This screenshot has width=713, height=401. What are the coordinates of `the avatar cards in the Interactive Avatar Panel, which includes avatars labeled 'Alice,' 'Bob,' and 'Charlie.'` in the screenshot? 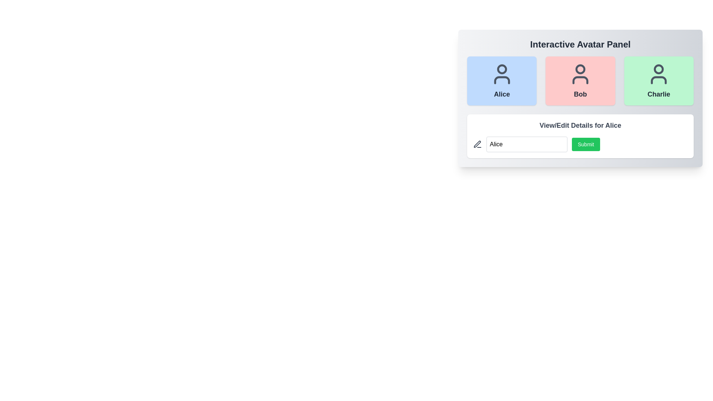 It's located at (580, 98).